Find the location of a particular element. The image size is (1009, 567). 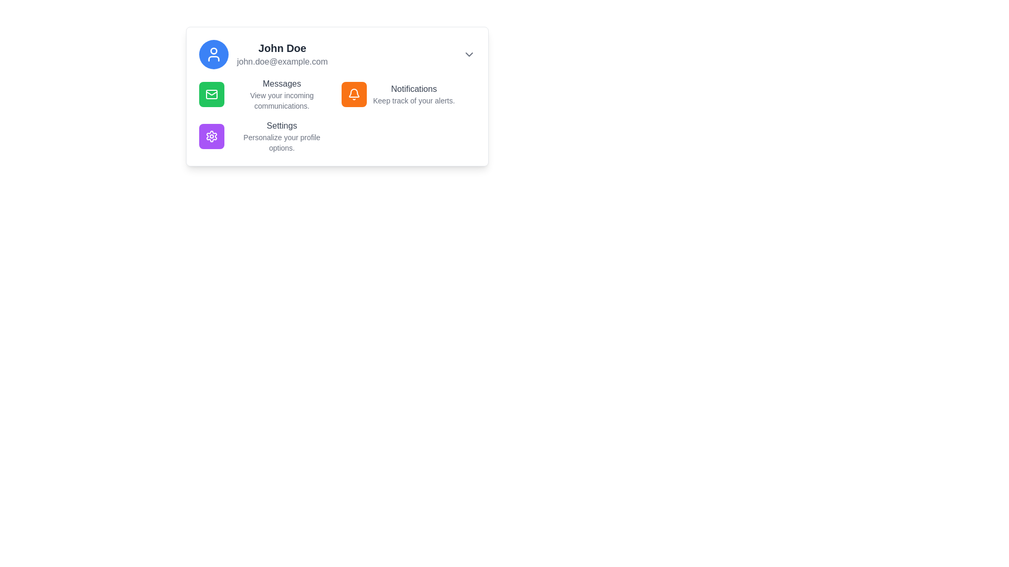

the inner triangular portion of the mail icon, which is styled as a thin vector stroke and is part of the envelope representation in the profile card's menu is located at coordinates (211, 92).